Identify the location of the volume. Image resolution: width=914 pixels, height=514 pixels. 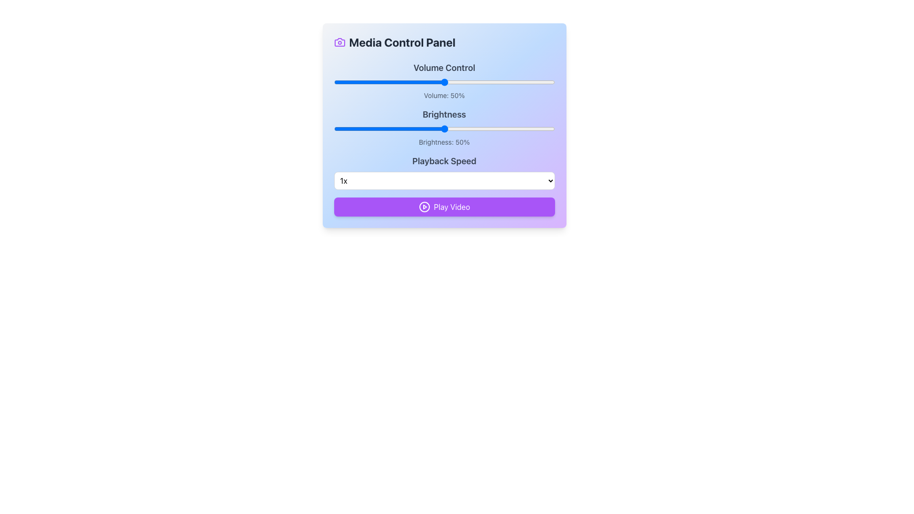
(441, 82).